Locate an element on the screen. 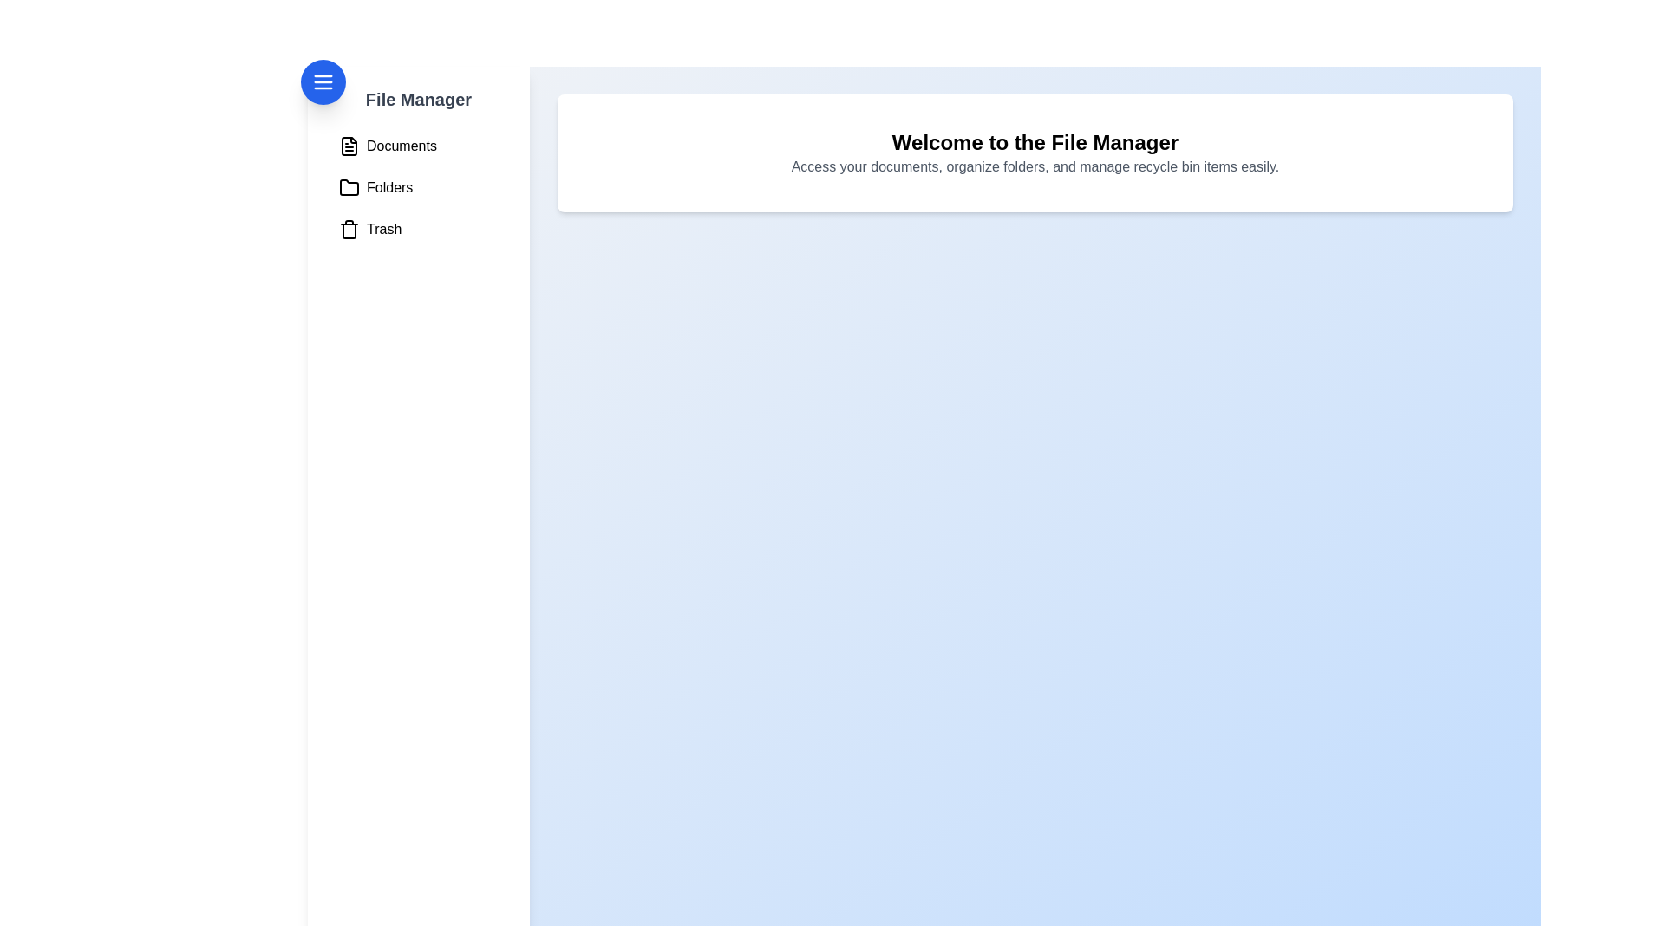 The image size is (1665, 936). the 'Folders' menu item to select it is located at coordinates (419, 187).